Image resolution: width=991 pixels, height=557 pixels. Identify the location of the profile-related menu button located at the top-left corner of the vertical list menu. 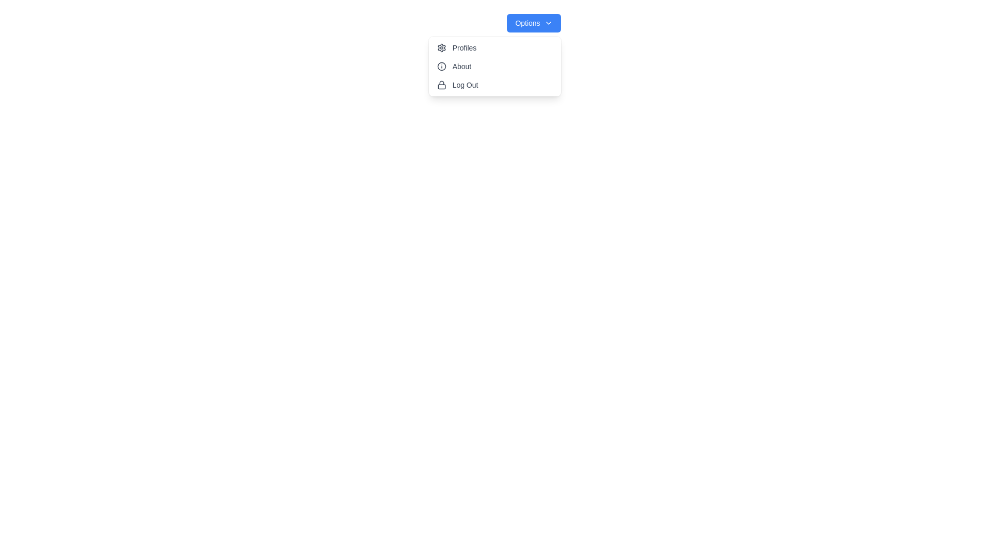
(494, 47).